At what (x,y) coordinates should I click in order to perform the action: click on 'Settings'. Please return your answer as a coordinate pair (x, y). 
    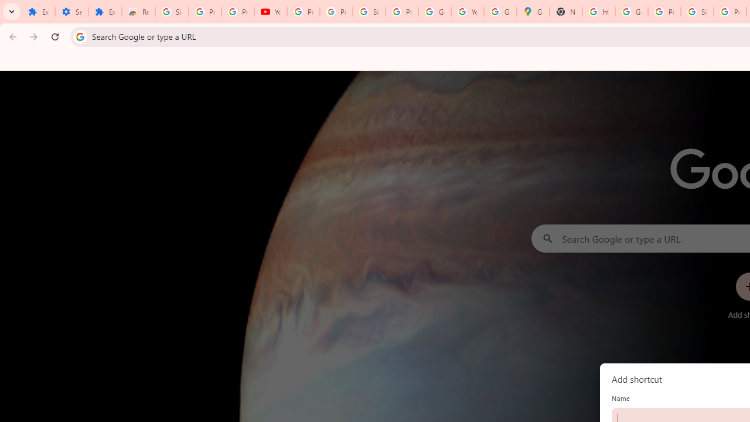
    Looking at the image, I should click on (71, 12).